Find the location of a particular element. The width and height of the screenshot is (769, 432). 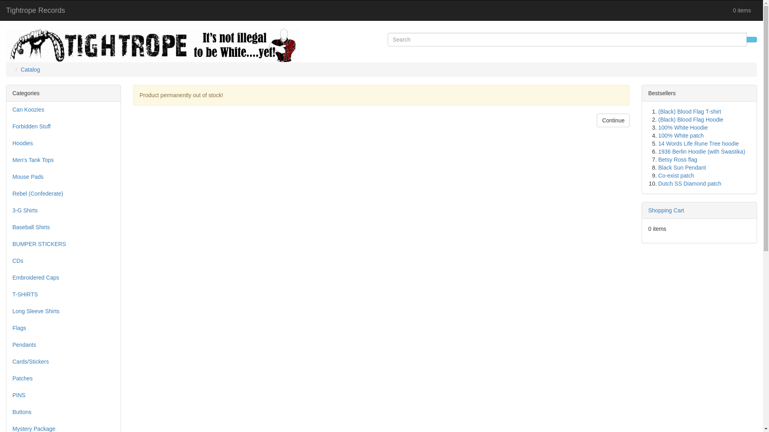

'Flags' is located at coordinates (63, 328).